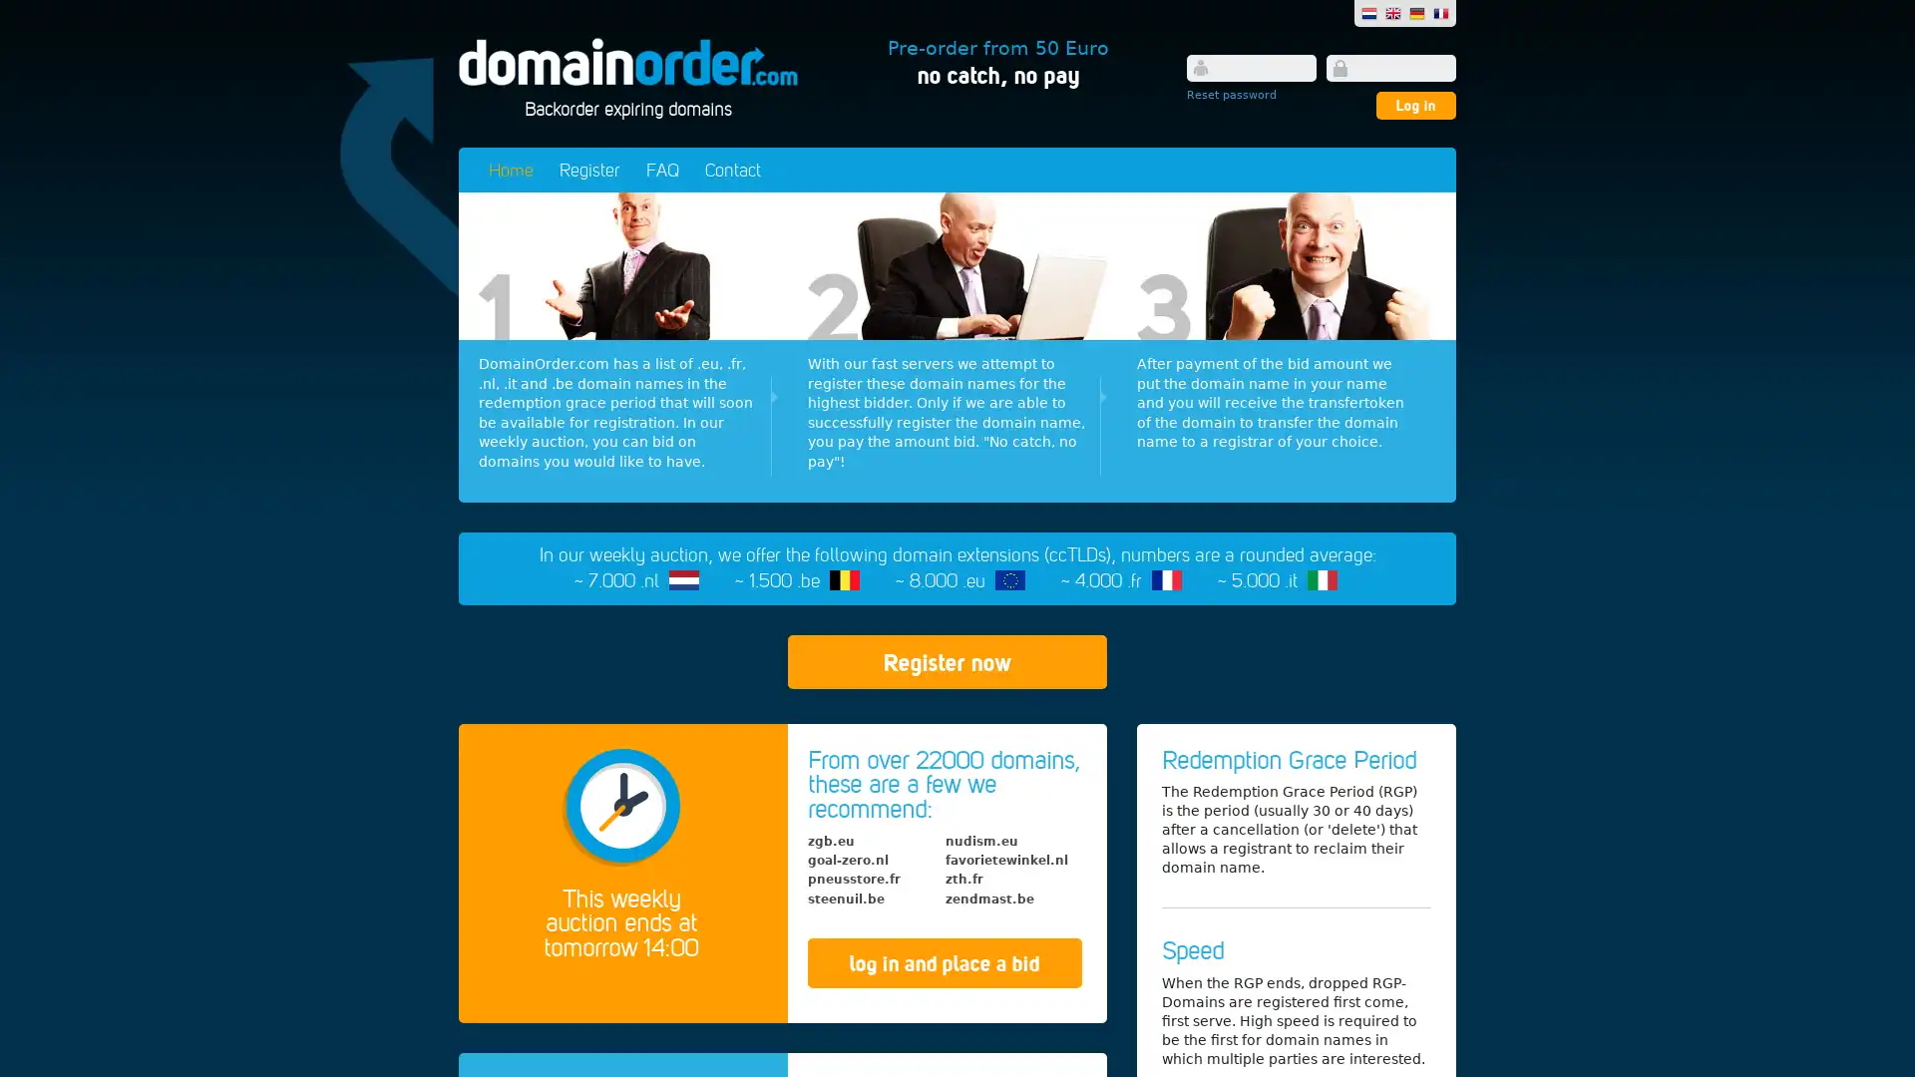 The image size is (1915, 1077). Describe the element at coordinates (1415, 105) in the screenshot. I see `Log in` at that location.